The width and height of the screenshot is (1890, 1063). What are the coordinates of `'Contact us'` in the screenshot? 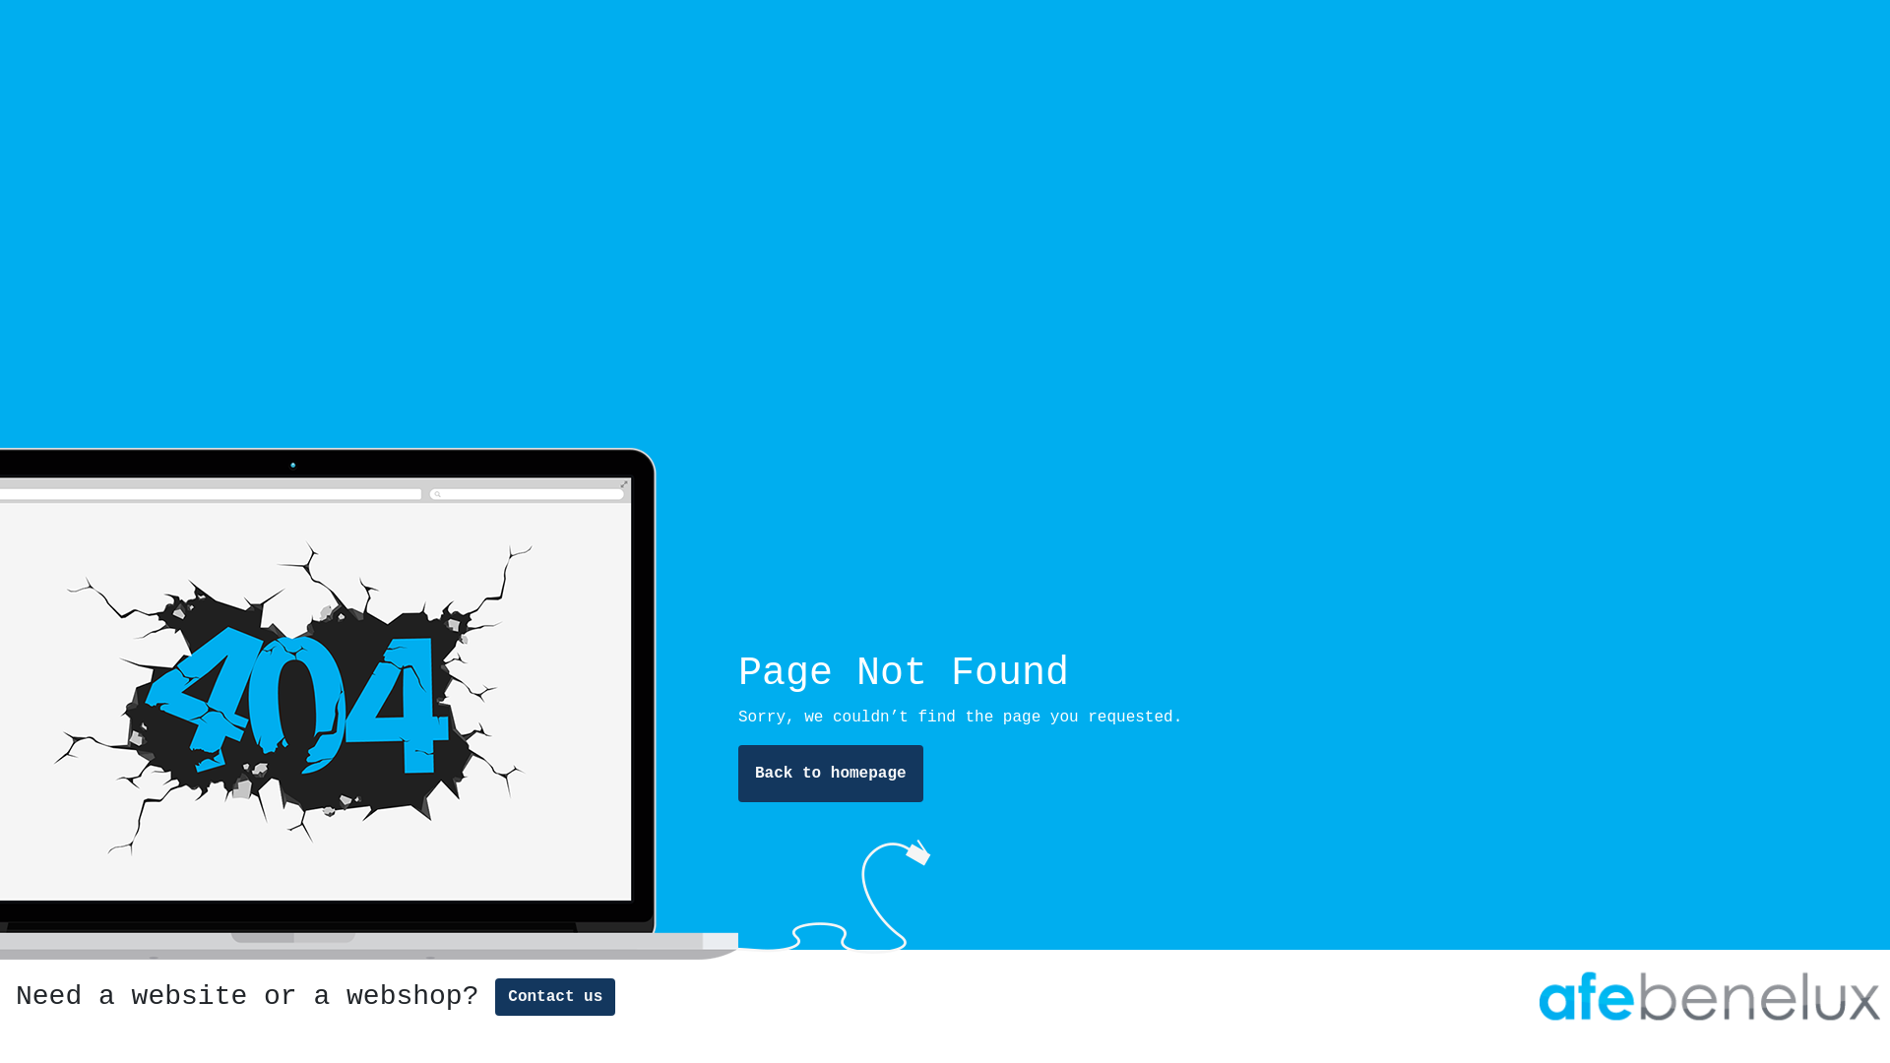 It's located at (495, 997).